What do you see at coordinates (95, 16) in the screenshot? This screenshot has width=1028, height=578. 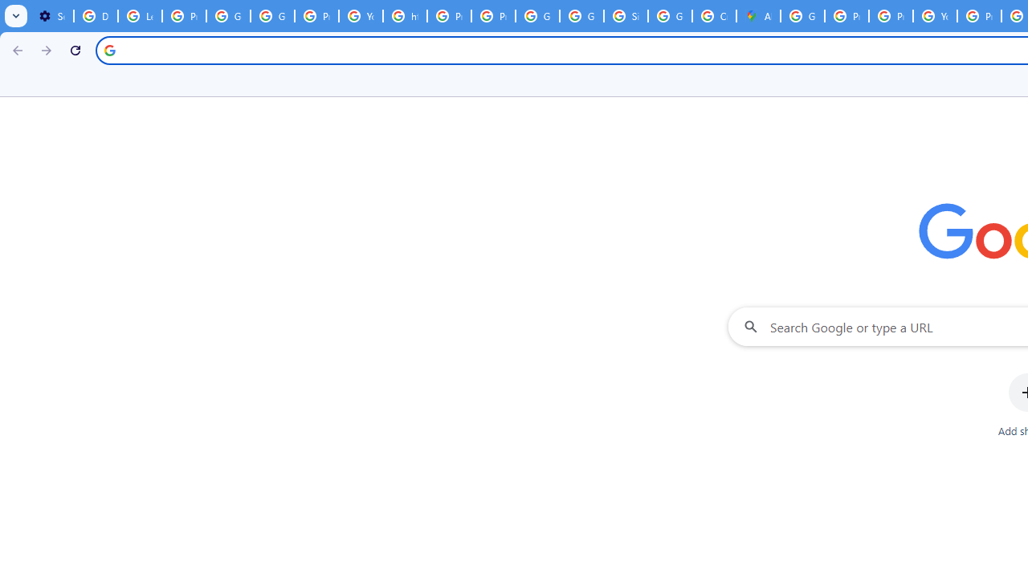 I see `'Delete photos & videos - Computer - Google Photos Help'` at bounding box center [95, 16].